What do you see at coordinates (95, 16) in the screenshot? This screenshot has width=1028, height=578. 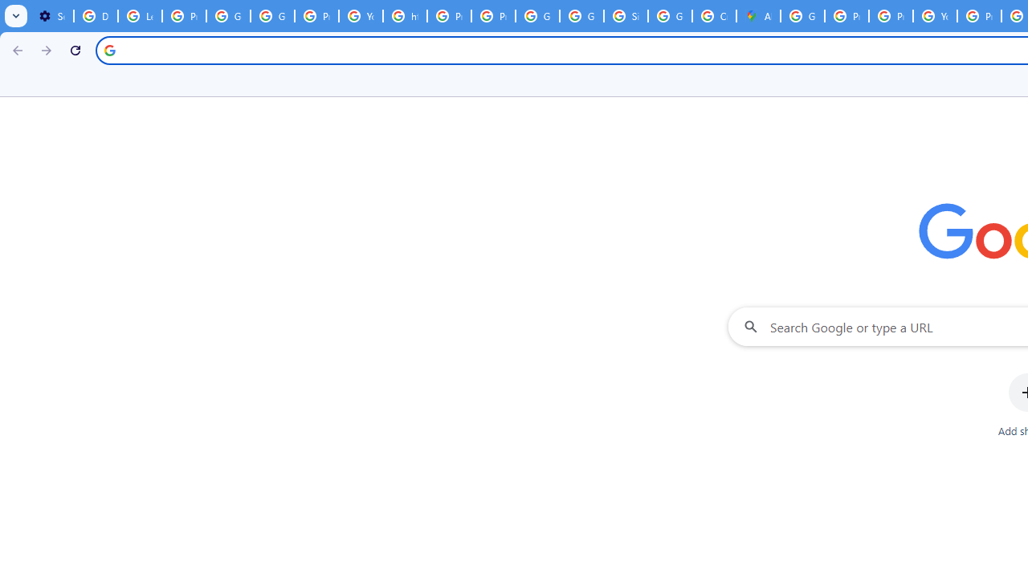 I see `'Delete photos & videos - Computer - Google Photos Help'` at bounding box center [95, 16].